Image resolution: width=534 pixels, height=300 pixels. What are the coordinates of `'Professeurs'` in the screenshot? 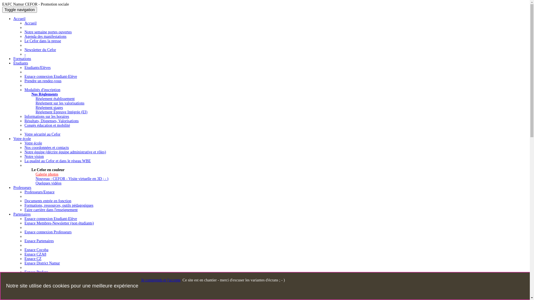 It's located at (22, 187).